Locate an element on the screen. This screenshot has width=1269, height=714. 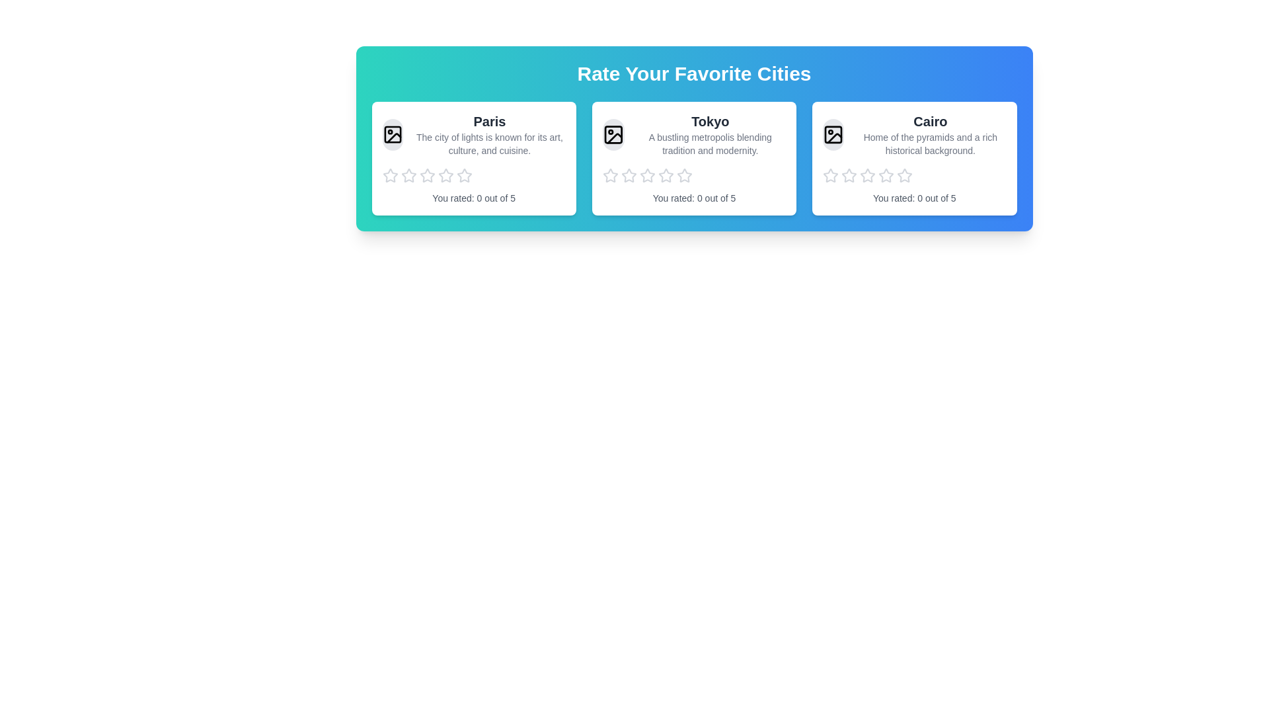
the first star icon in the rating component of the 'Cairo' card is located at coordinates (830, 175).